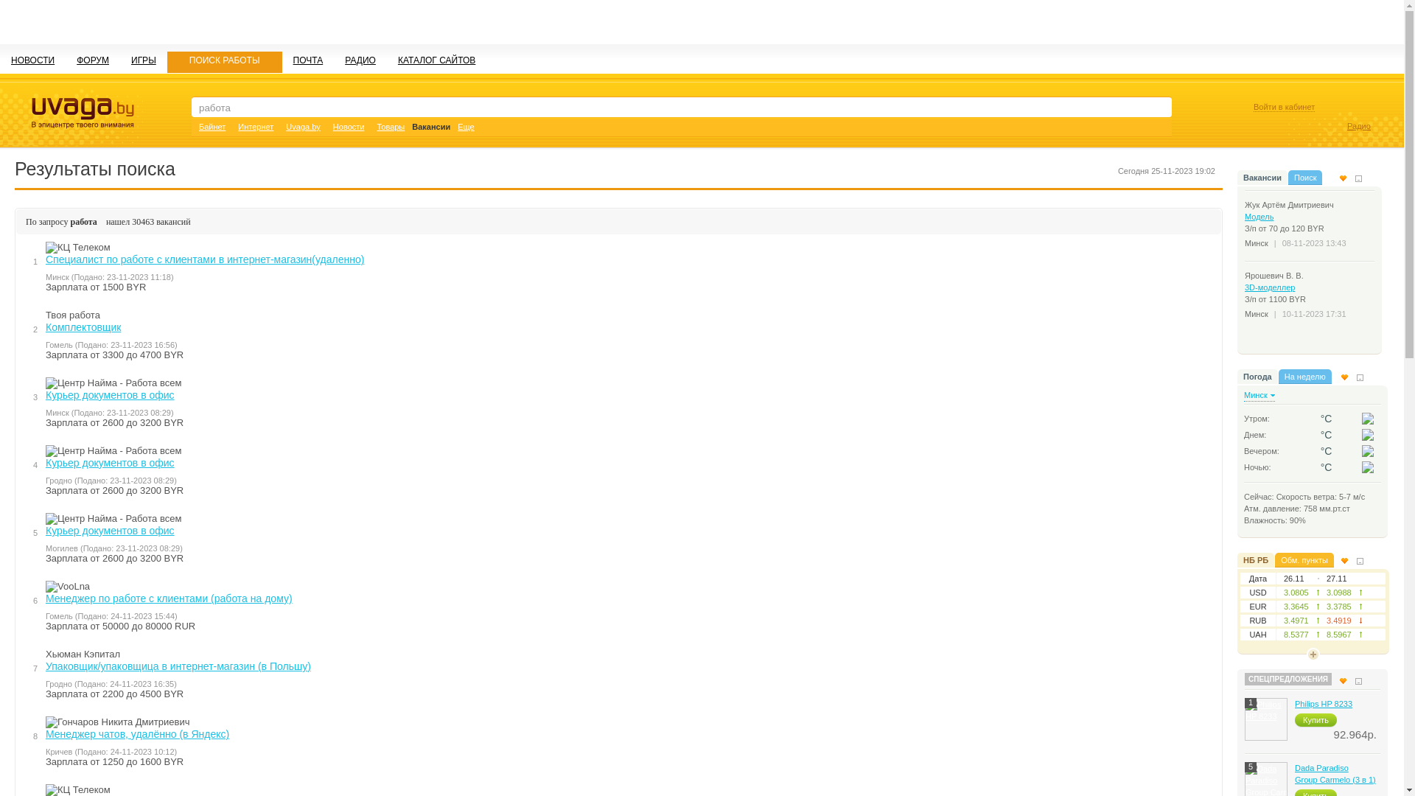 The width and height of the screenshot is (1415, 796). Describe the element at coordinates (302, 126) in the screenshot. I see `'Uvaga.by'` at that location.